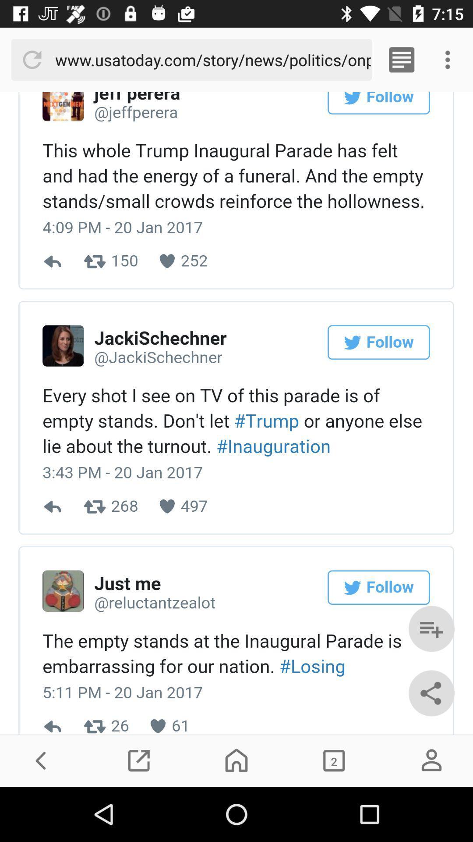 This screenshot has width=473, height=842. I want to click on the arrow_backward icon, so click(41, 760).